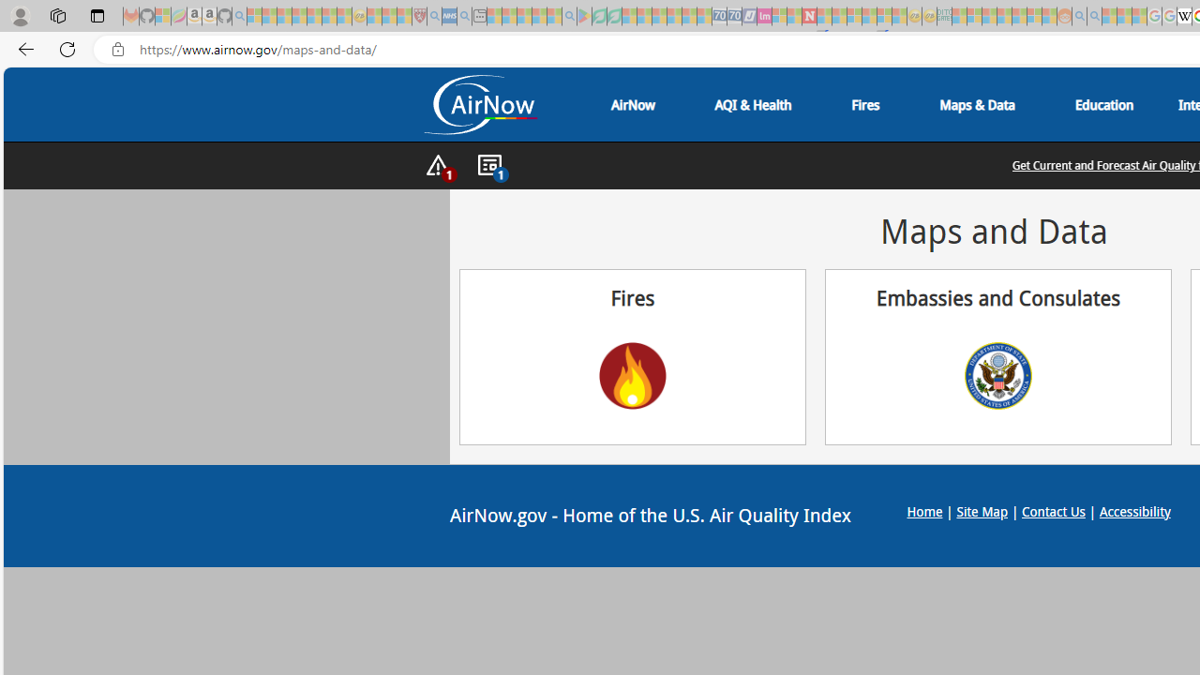 The height and width of the screenshot is (675, 1200). I want to click on 'Fires Fire Icon', so click(633, 356).